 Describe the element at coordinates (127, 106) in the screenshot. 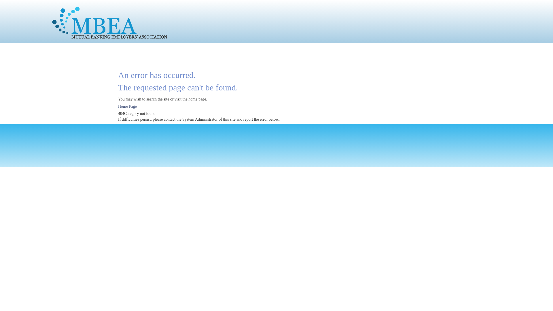

I see `'Home Page'` at that location.